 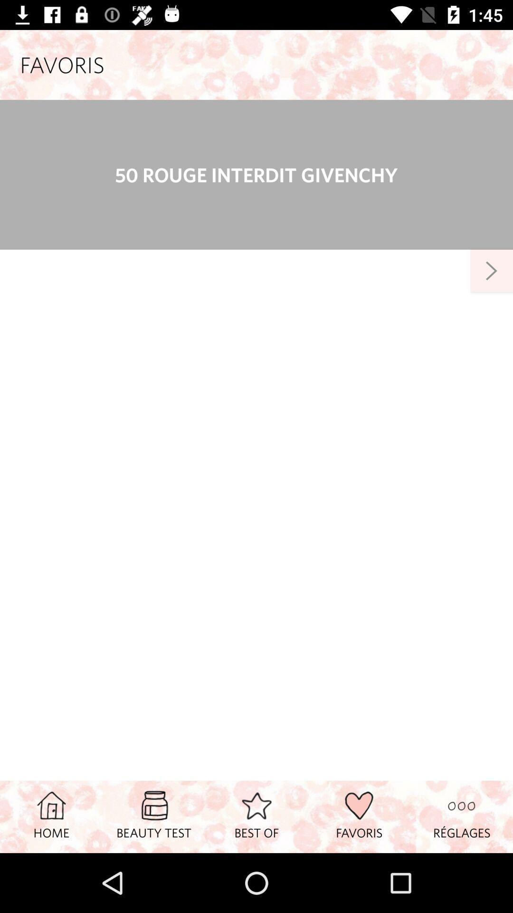 I want to click on icon to the left of the best of icon, so click(x=153, y=816).